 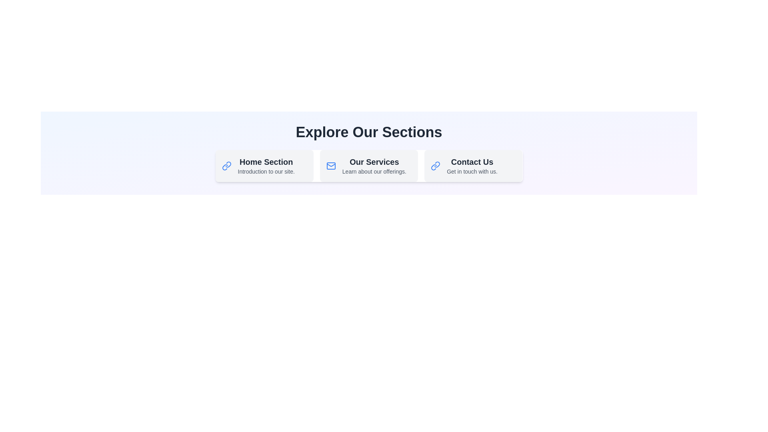 What do you see at coordinates (266, 162) in the screenshot?
I see `the 'Home Section' heading text` at bounding box center [266, 162].